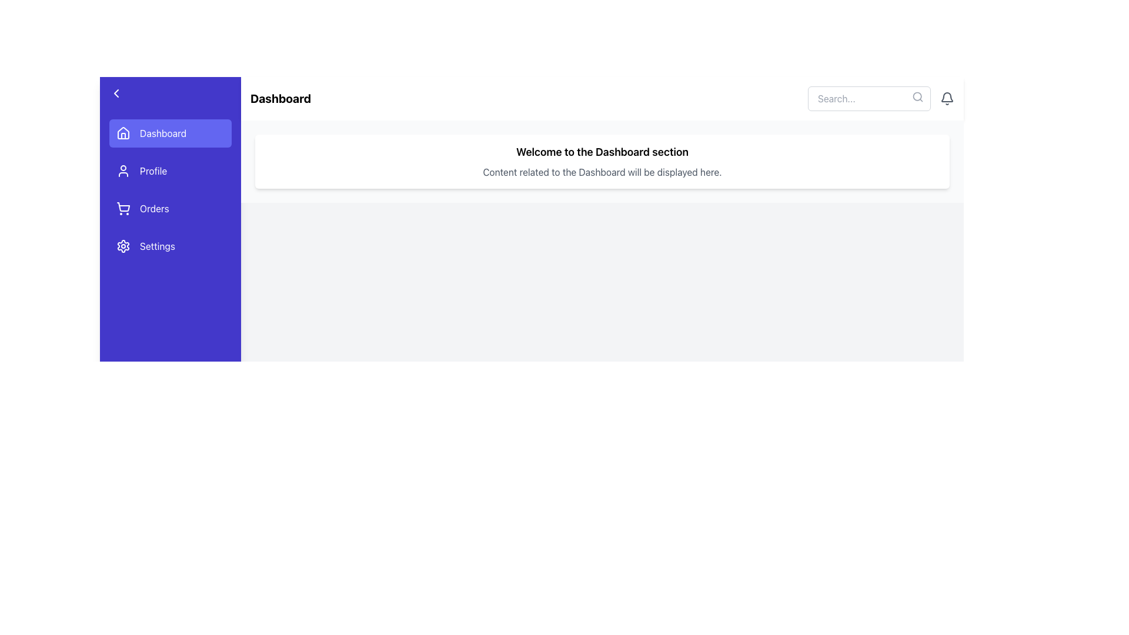 The width and height of the screenshot is (1129, 635). What do you see at coordinates (162, 133) in the screenshot?
I see `the 'Dashboard' text label in the sidebar navigation menu, which is displayed in white font on a purple background` at bounding box center [162, 133].